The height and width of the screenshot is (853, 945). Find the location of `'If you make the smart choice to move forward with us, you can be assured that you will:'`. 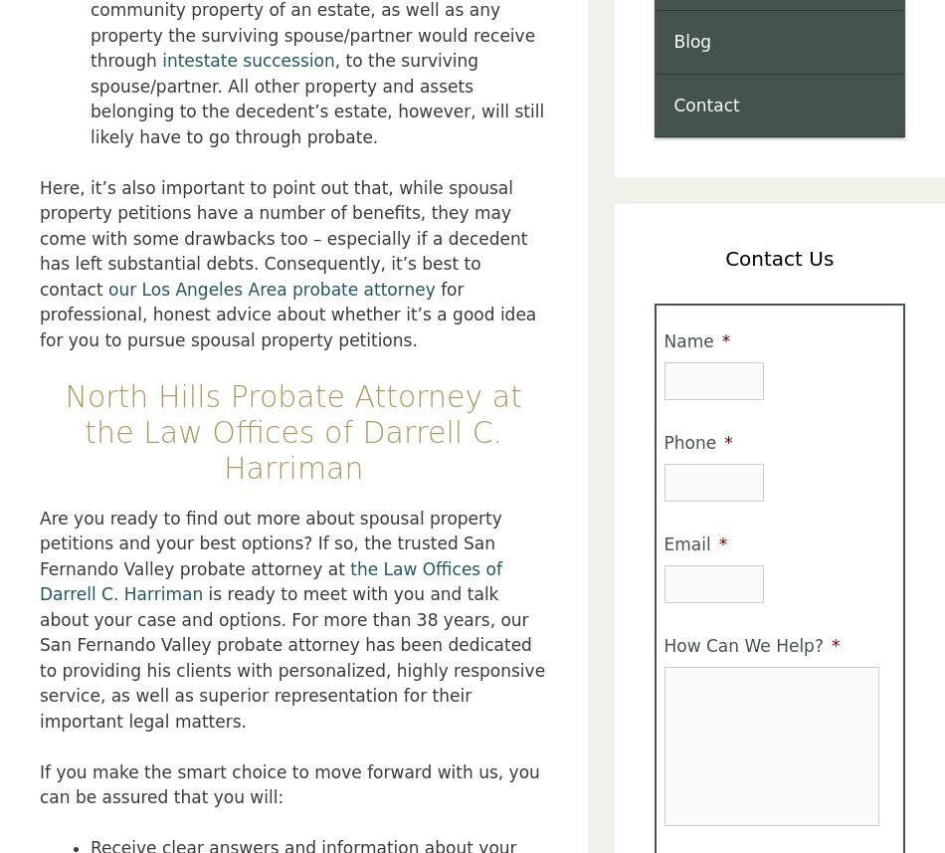

'If you make the smart choice to move forward with us, you can be assured that you will:' is located at coordinates (287, 784).